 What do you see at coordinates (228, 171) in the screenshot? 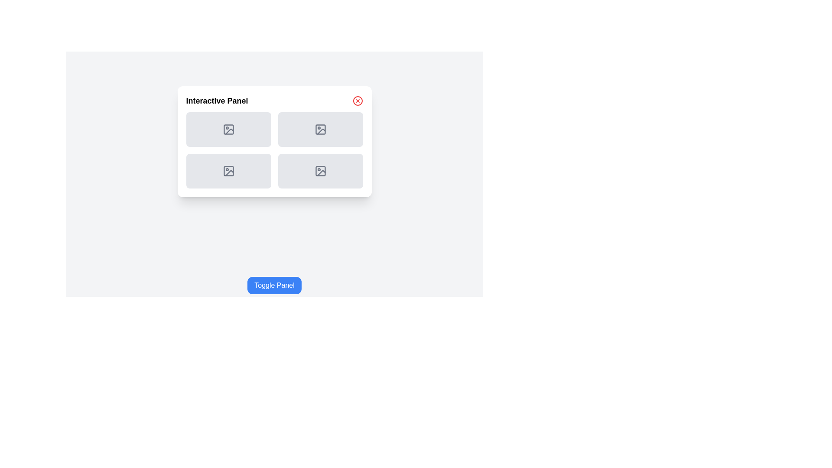
I see `the image upload icon` at bounding box center [228, 171].